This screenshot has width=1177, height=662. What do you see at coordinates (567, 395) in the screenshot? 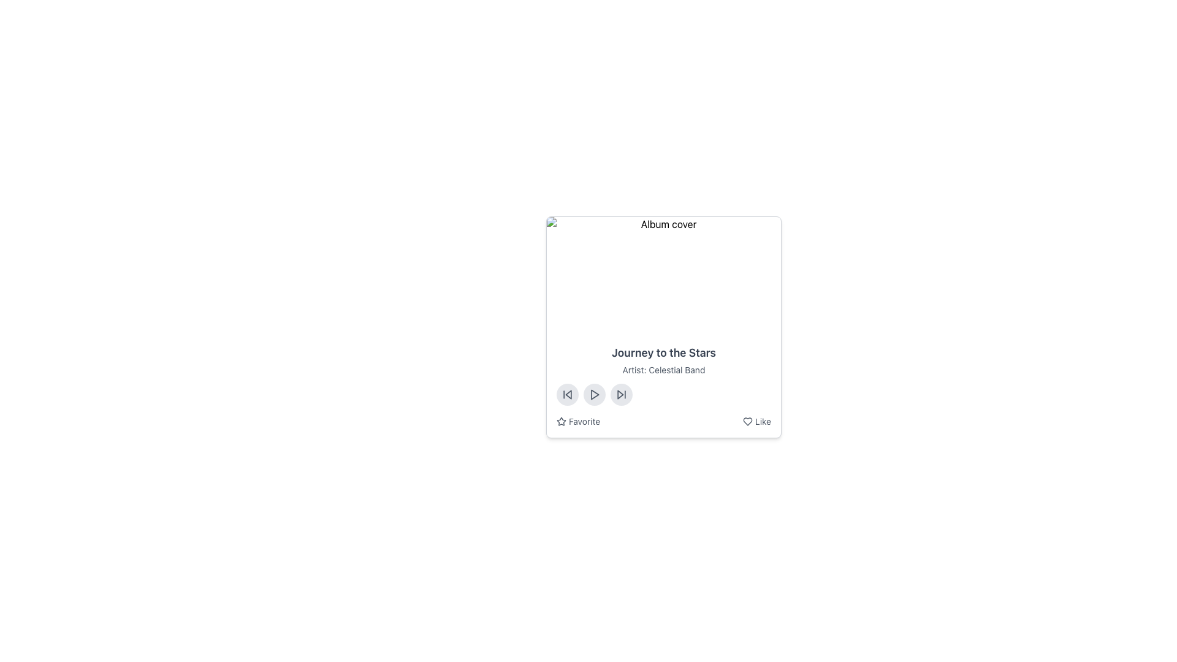
I see `the 'skip backward' icon button, which is a circular button with a light gray background and a triangular point to the left, located at the bottom of the music player interface, to skip to the previous track` at bounding box center [567, 395].